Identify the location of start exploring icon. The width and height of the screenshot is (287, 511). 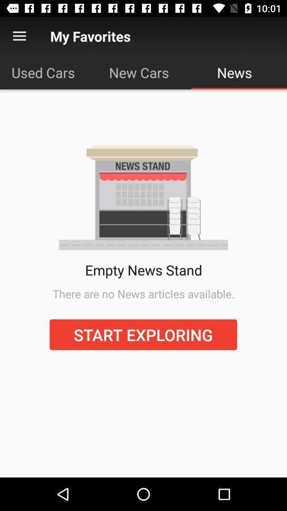
(143, 334).